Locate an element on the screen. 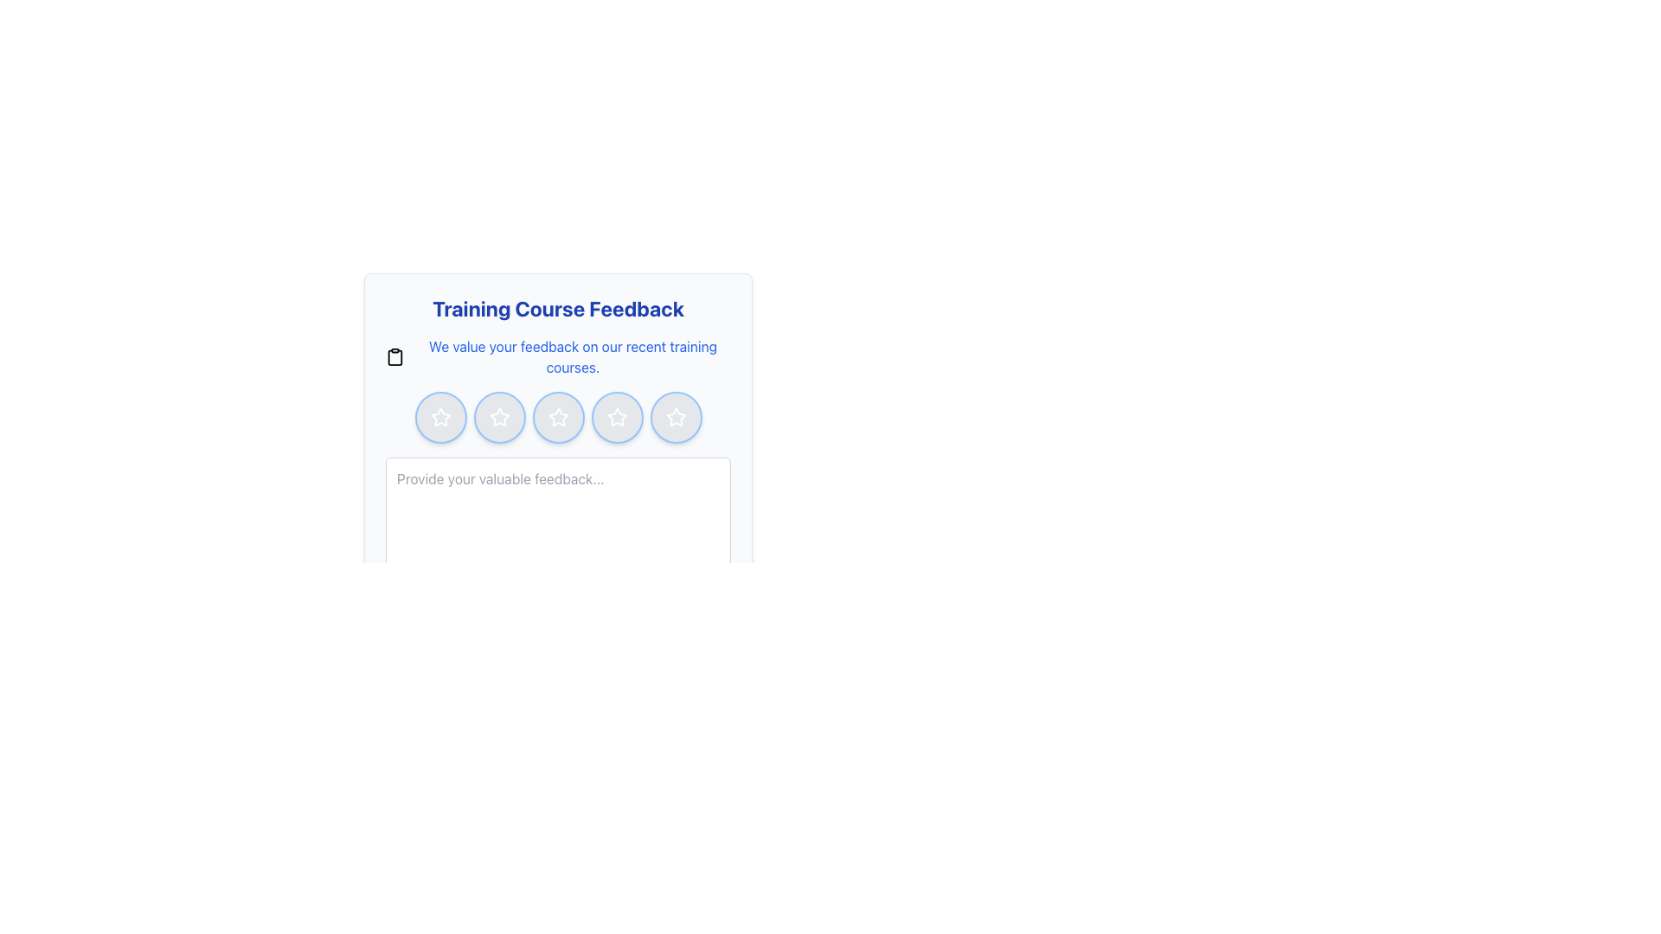 This screenshot has width=1661, height=934. the clipboard icon located at the top left of the feedback panel, which is part of an icon group and positioned above the 'Training Course Feedback' text is located at coordinates (394, 356).